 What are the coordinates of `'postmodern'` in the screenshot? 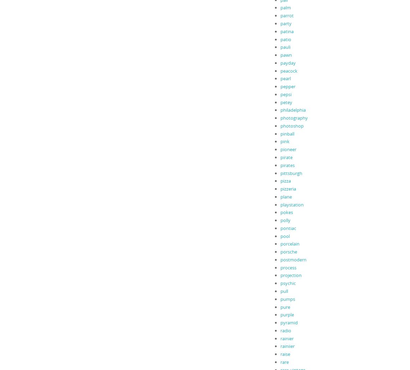 It's located at (293, 259).